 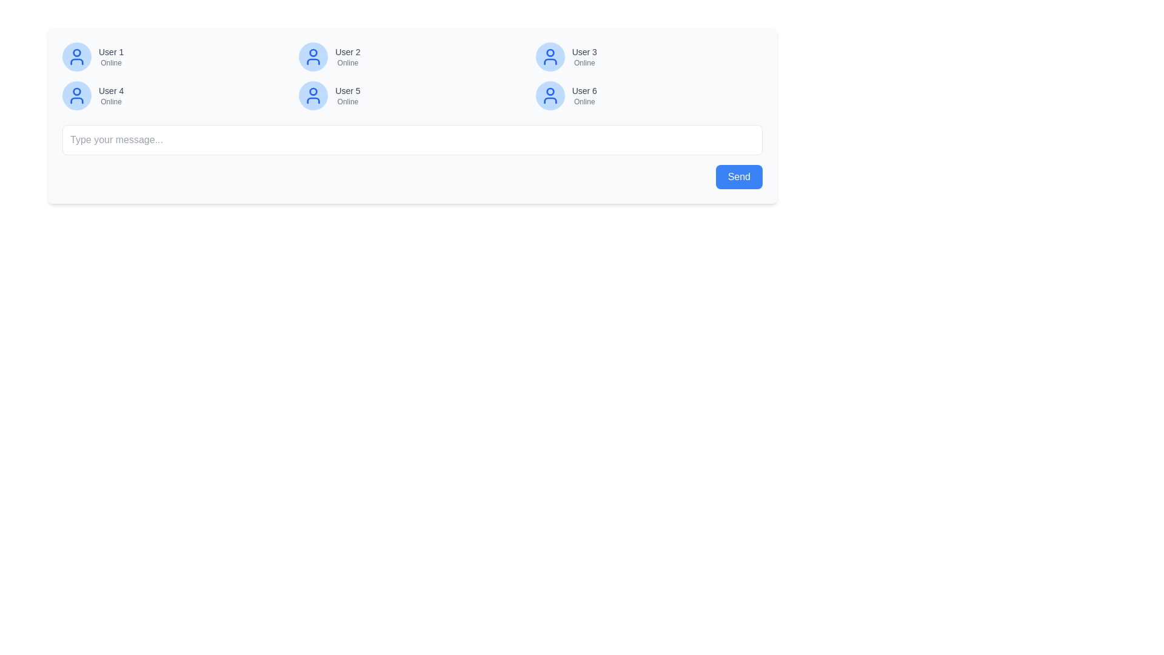 I want to click on the User card for 'User 4' in the grid layout, so click(x=175, y=95).